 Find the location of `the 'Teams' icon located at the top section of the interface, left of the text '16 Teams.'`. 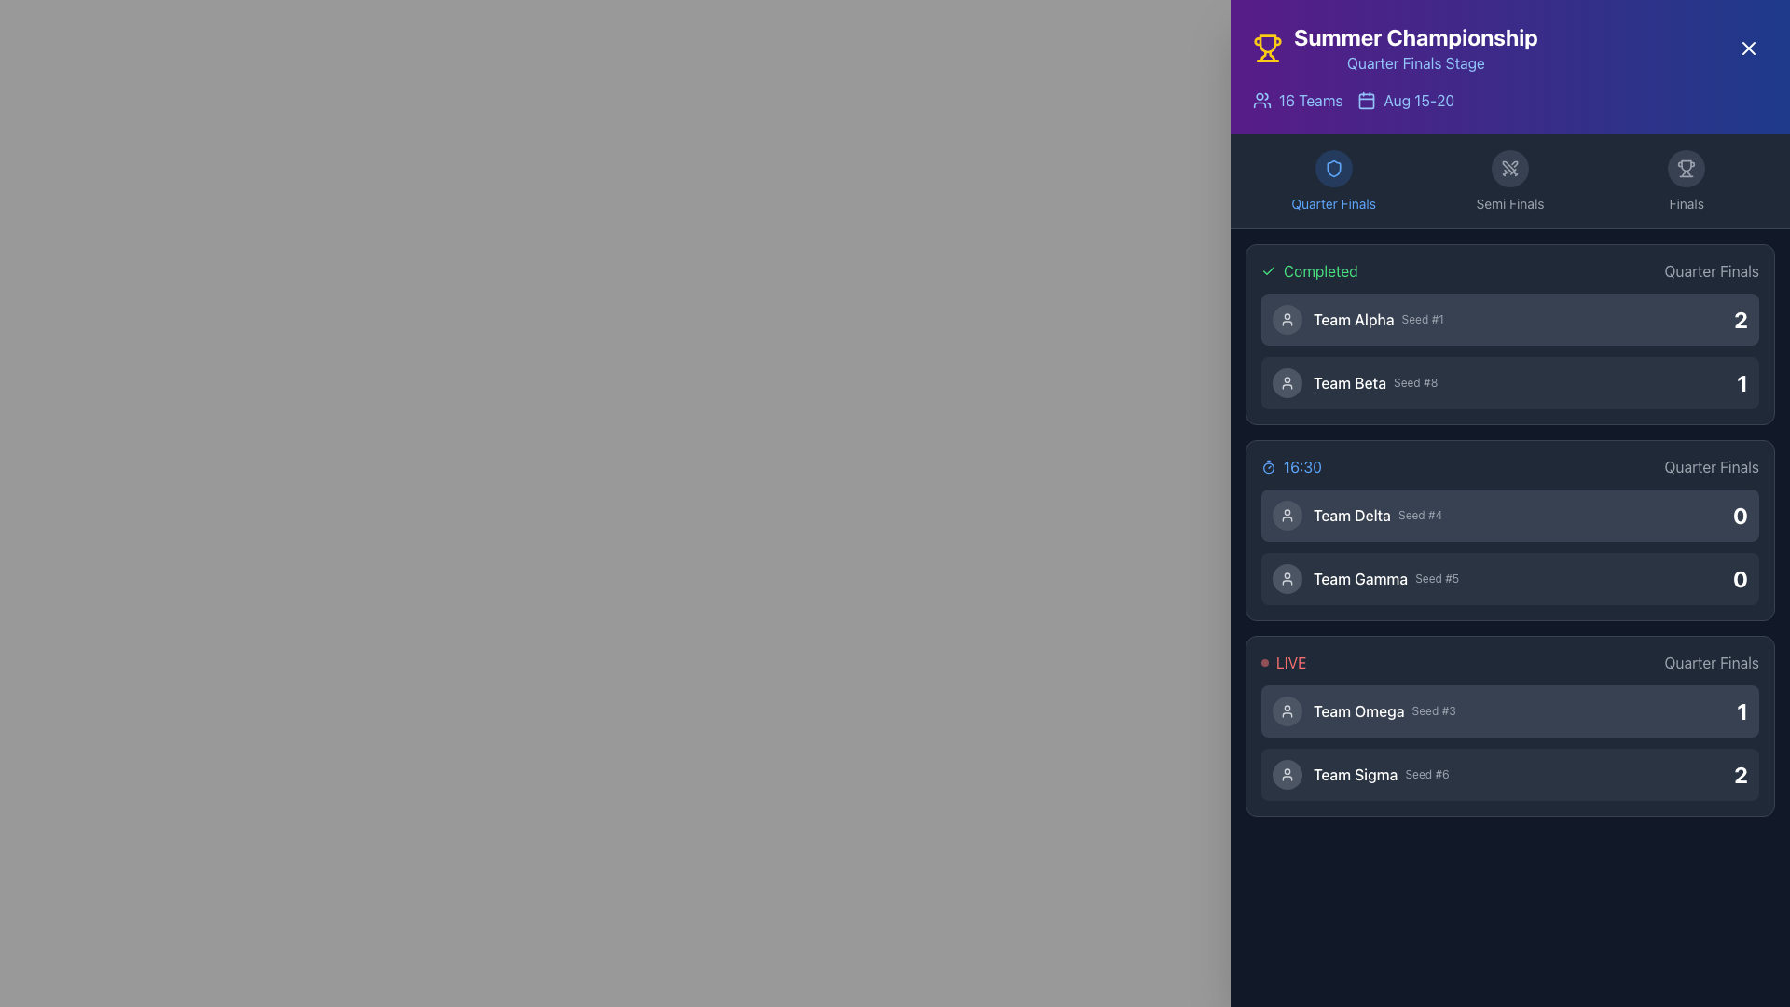

the 'Teams' icon located at the top section of the interface, left of the text '16 Teams.' is located at coordinates (1261, 101).